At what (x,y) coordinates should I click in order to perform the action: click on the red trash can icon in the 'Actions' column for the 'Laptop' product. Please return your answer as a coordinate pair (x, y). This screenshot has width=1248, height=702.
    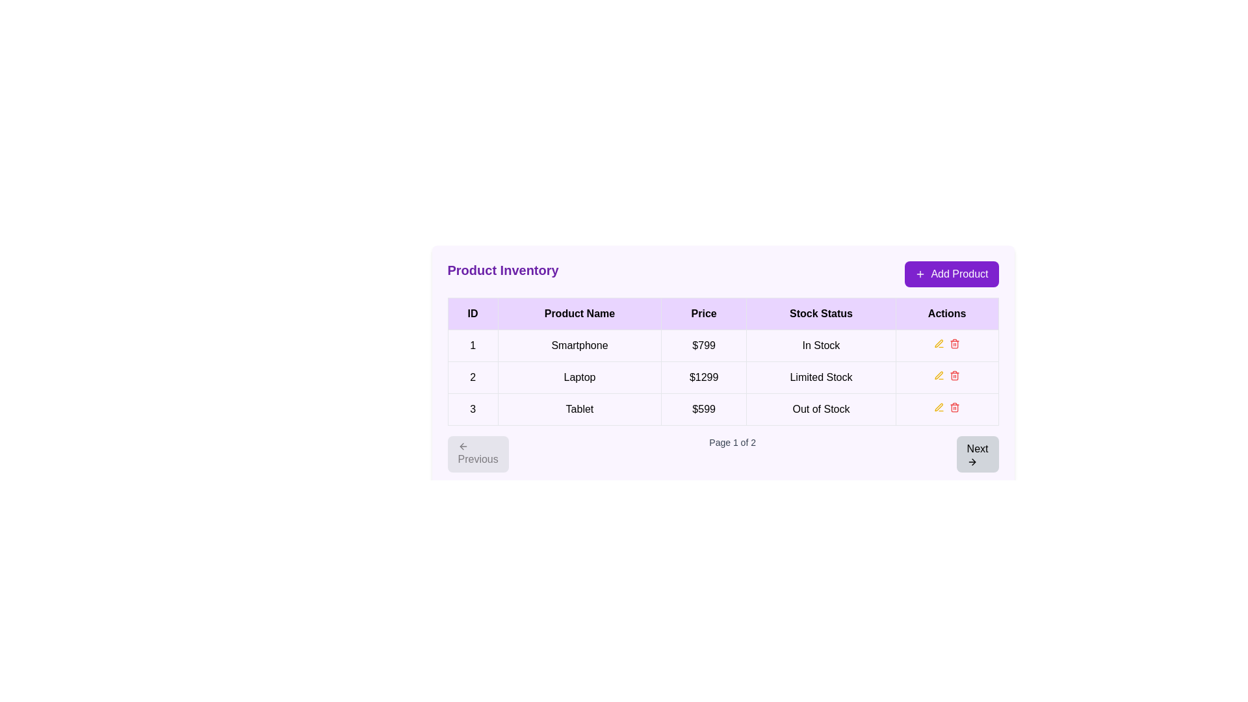
    Looking at the image, I should click on (955, 376).